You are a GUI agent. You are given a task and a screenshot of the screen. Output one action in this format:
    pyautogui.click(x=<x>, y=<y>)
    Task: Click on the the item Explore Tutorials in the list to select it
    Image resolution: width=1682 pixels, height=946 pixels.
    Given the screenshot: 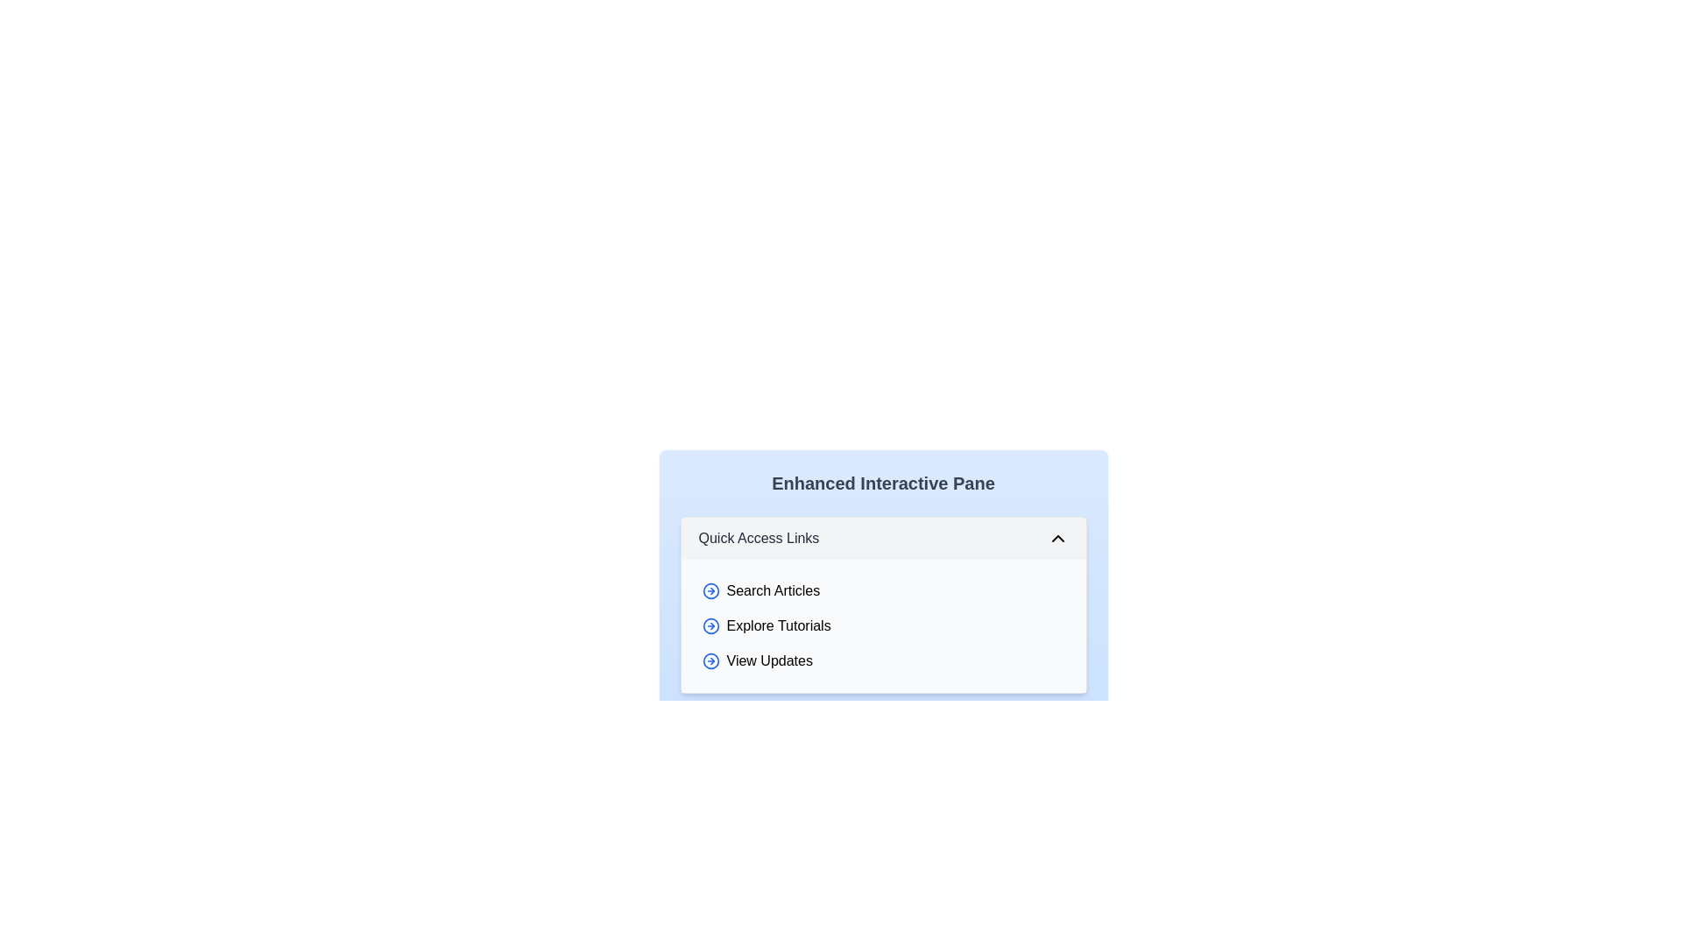 What is the action you would take?
    pyautogui.click(x=883, y=625)
    